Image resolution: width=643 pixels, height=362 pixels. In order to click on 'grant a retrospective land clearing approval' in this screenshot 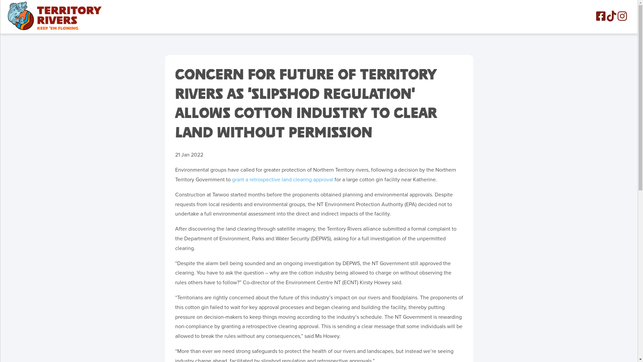, I will do `click(282, 179)`.